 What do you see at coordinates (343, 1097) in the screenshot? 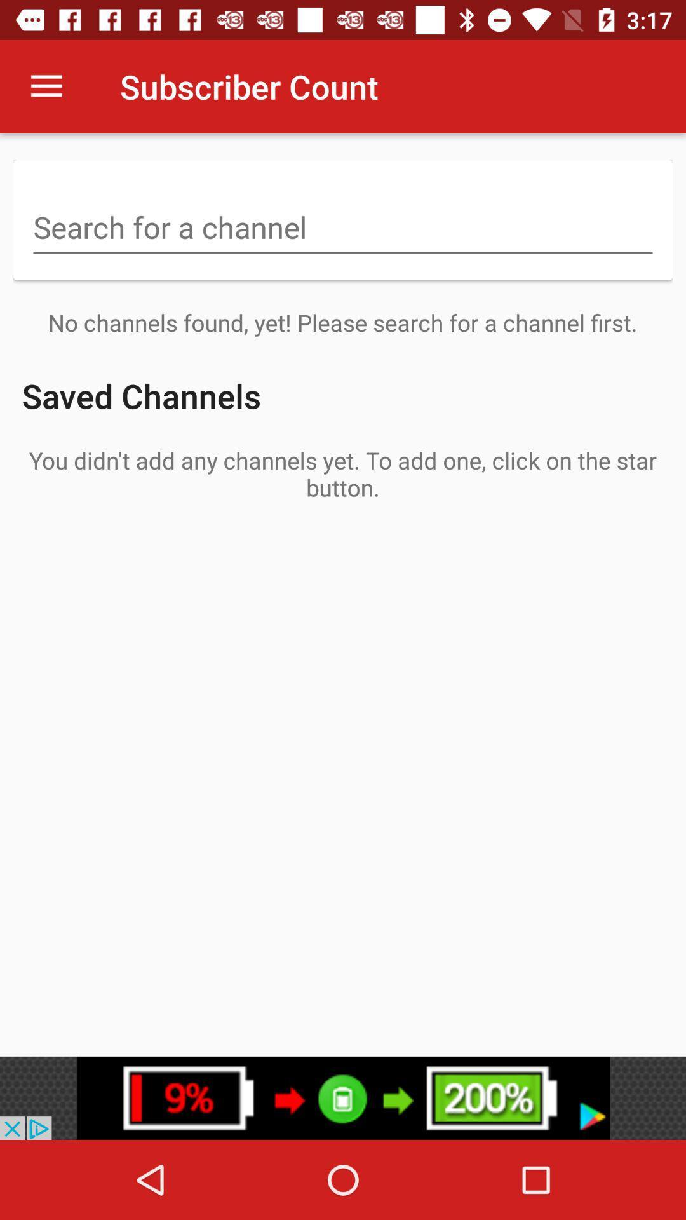
I see `google play advertisement` at bounding box center [343, 1097].